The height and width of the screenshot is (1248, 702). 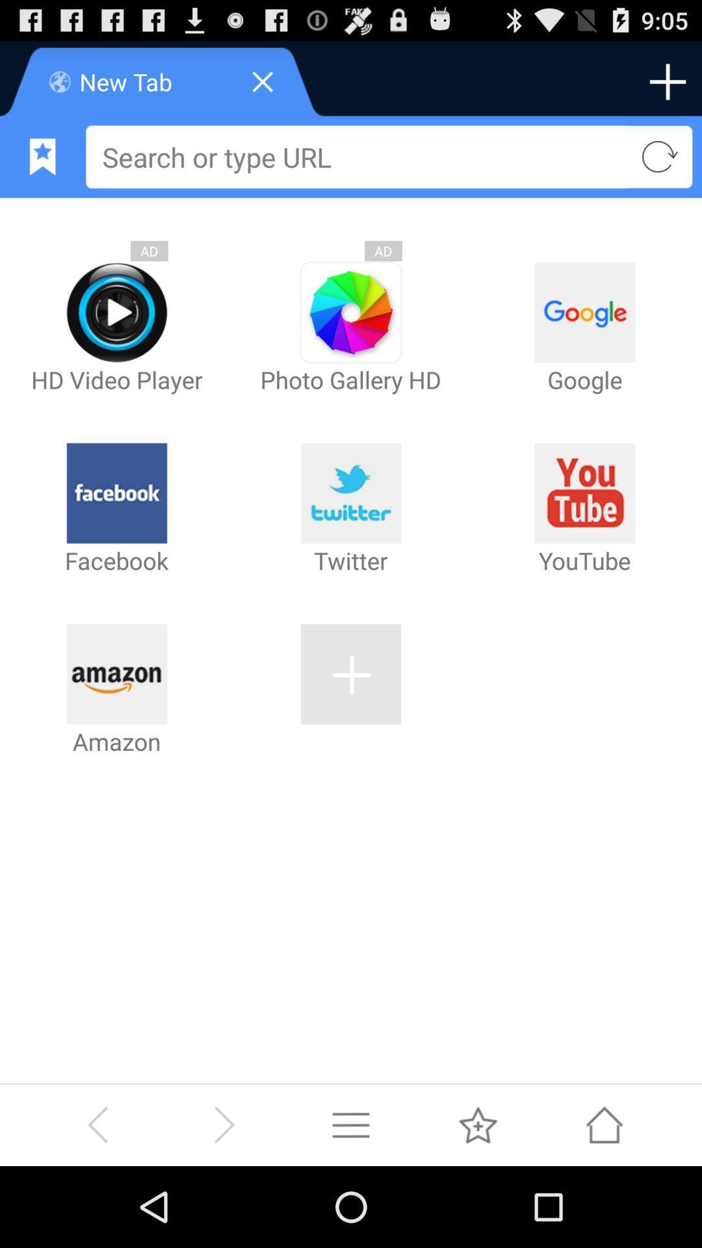 I want to click on the bookmark icon, so click(x=42, y=167).